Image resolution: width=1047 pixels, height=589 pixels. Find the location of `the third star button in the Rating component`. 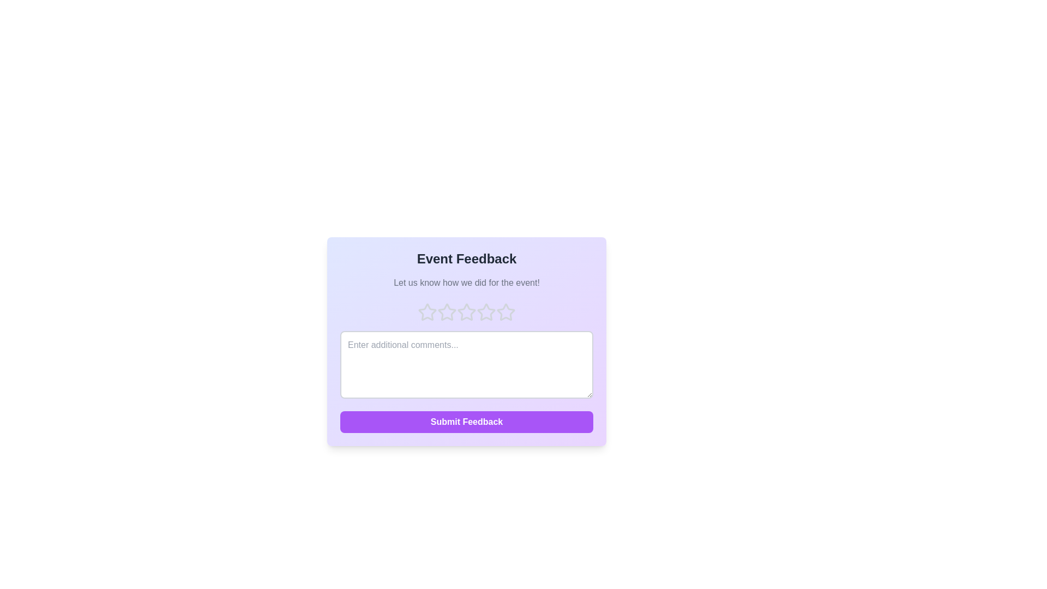

the third star button in the Rating component is located at coordinates (466, 312).